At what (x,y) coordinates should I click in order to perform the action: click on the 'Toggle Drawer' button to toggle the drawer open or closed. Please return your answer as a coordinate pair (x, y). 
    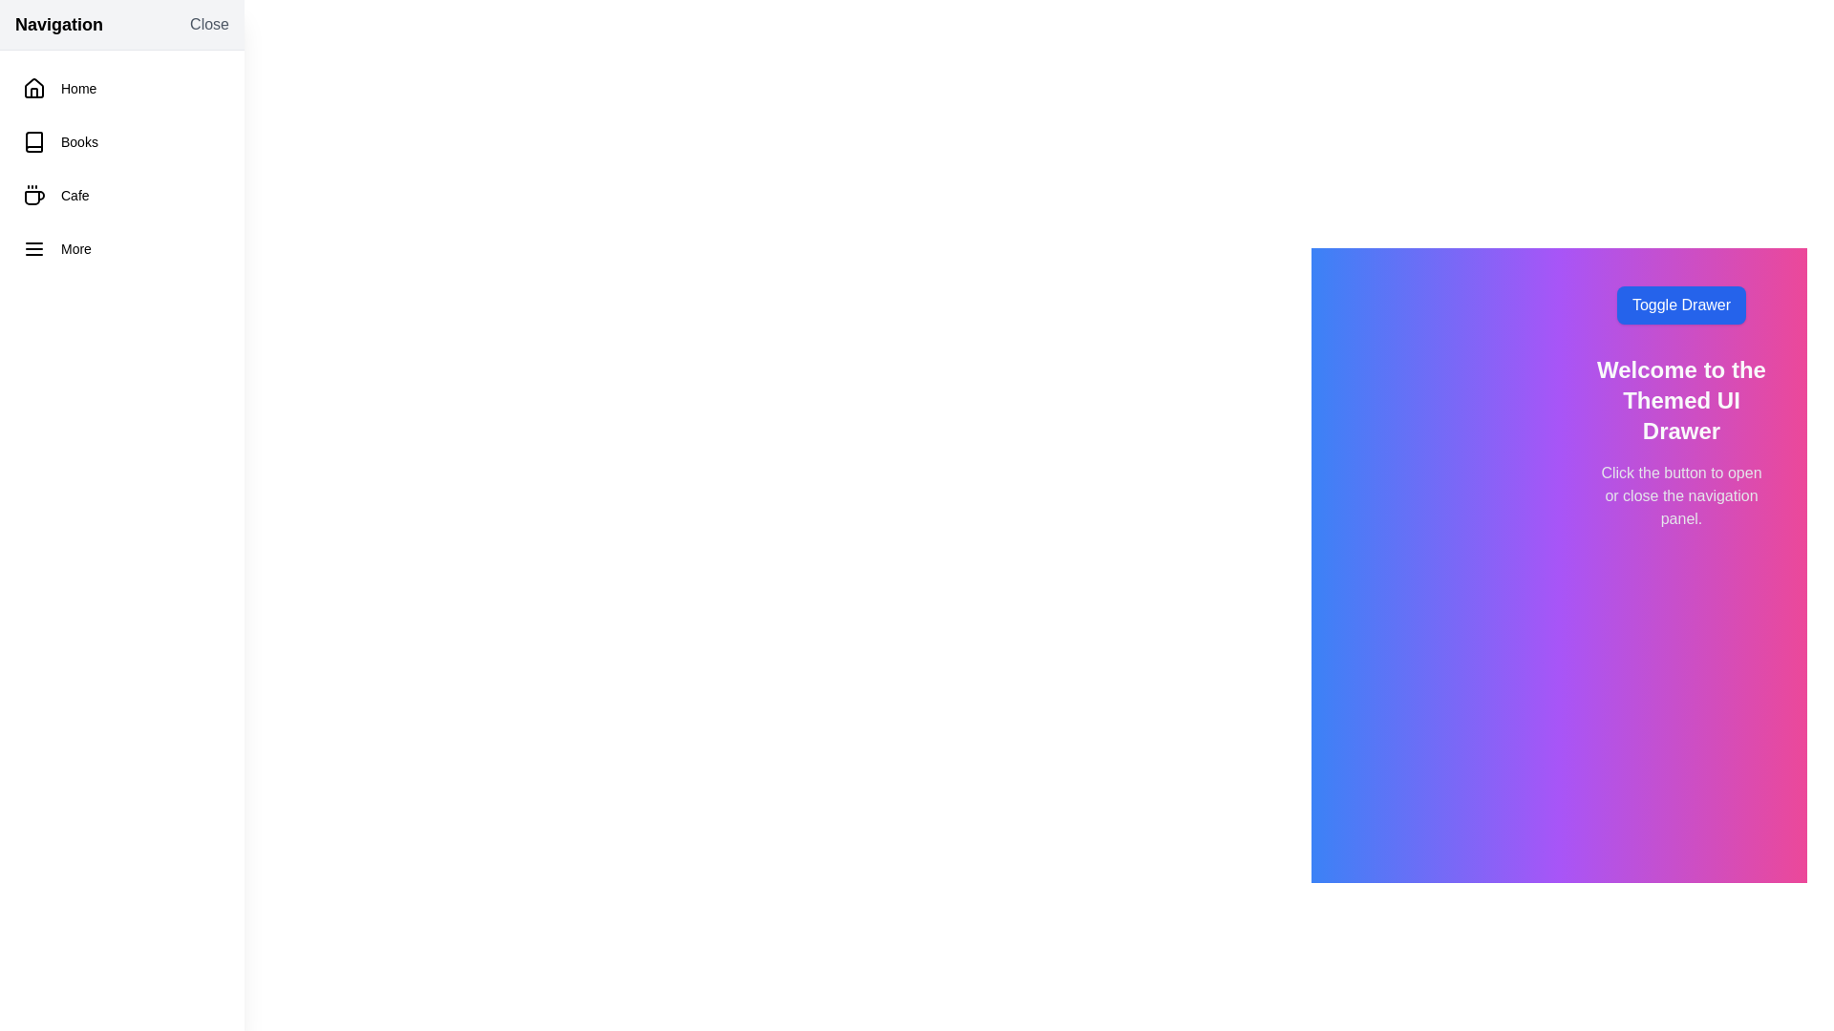
    Looking at the image, I should click on (1681, 305).